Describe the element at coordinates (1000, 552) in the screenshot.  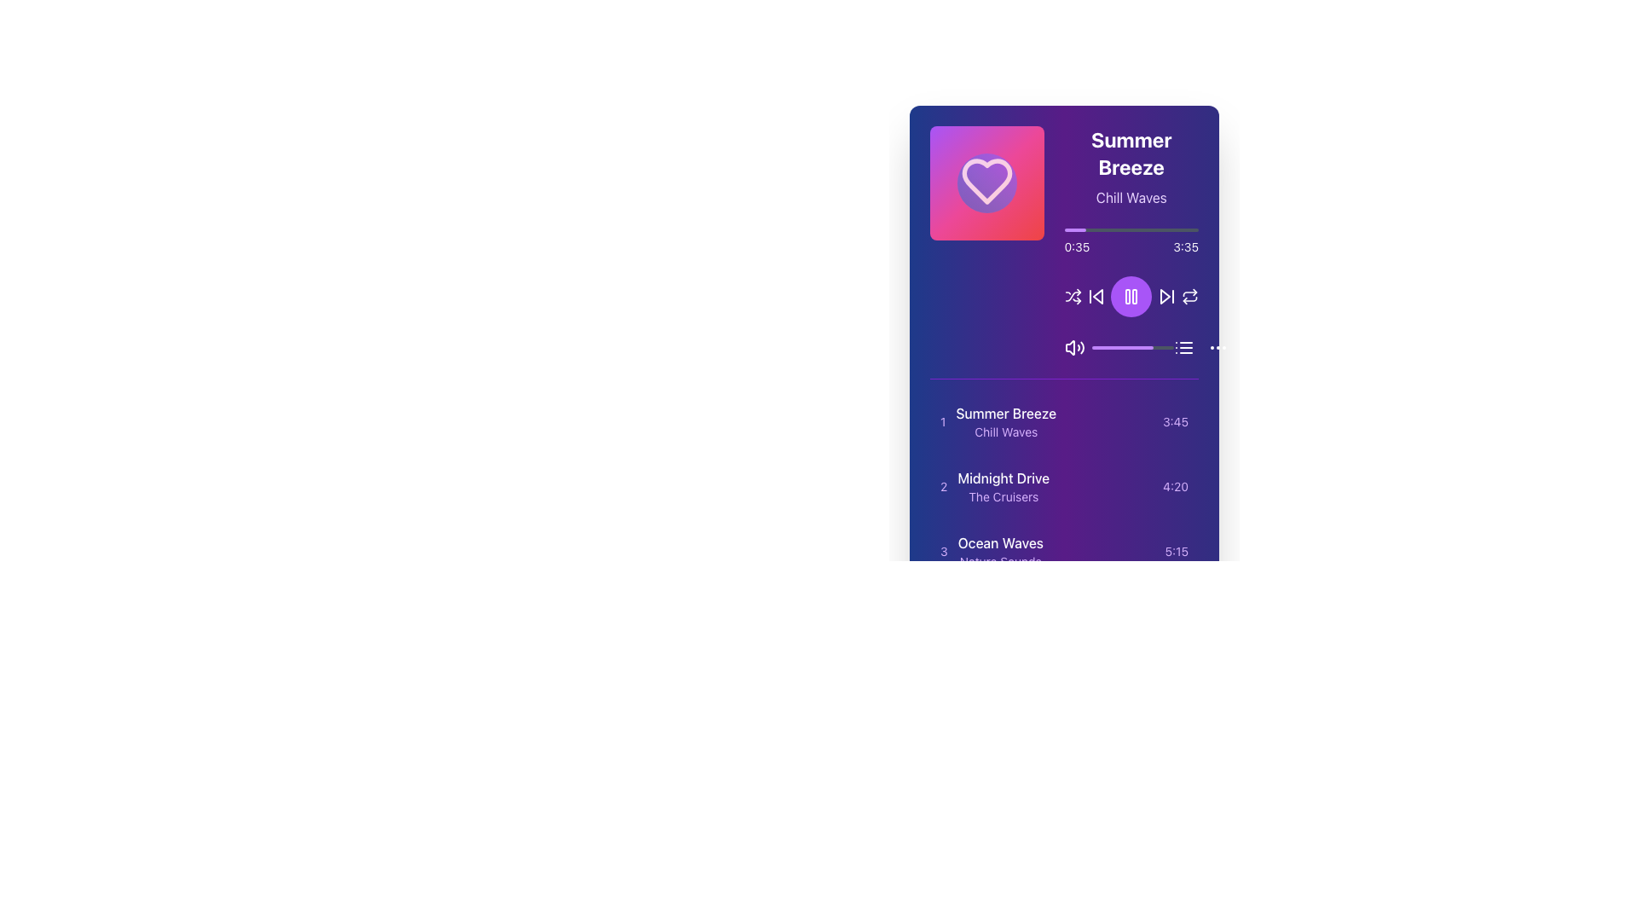
I see `the Text Display element that shows 'Ocean Waves' and 'Nature Sounds', which is the third item in the vertically aligned list` at that location.